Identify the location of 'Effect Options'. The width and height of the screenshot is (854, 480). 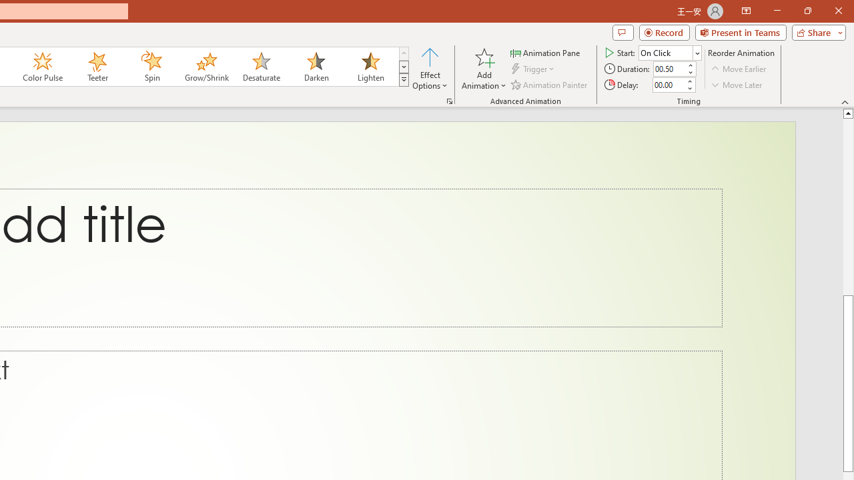
(430, 69).